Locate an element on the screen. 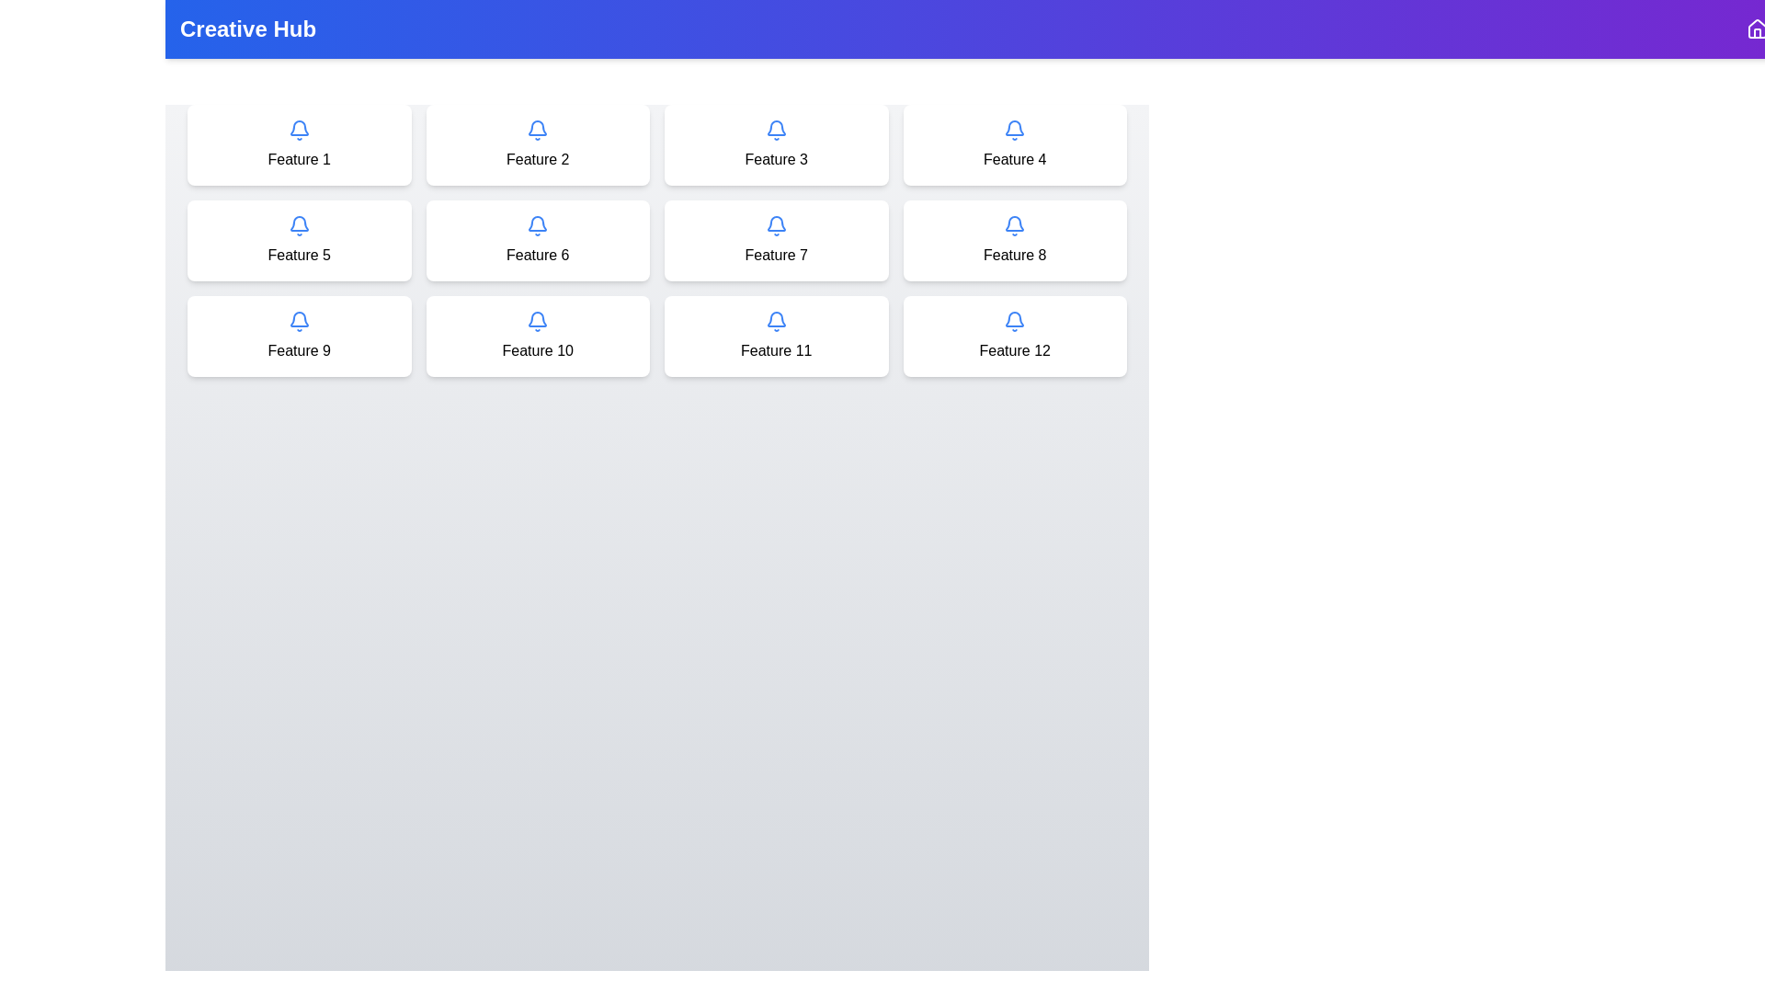 This screenshot has height=993, width=1765. the header text 'Creative Hub' to trigger its associated action is located at coordinates (246, 29).